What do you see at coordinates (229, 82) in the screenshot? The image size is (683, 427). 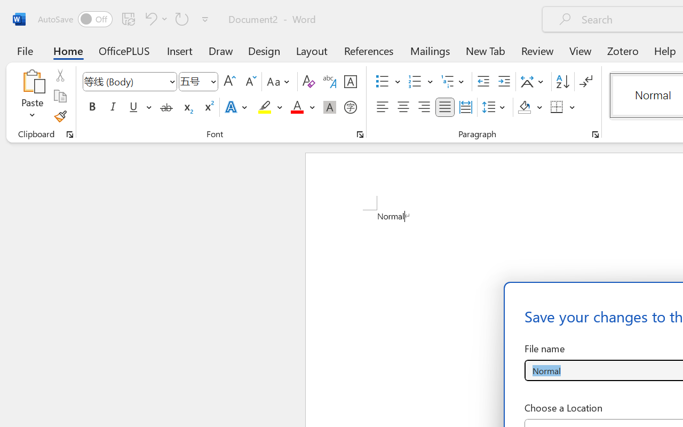 I see `'Grow Font'` at bounding box center [229, 82].